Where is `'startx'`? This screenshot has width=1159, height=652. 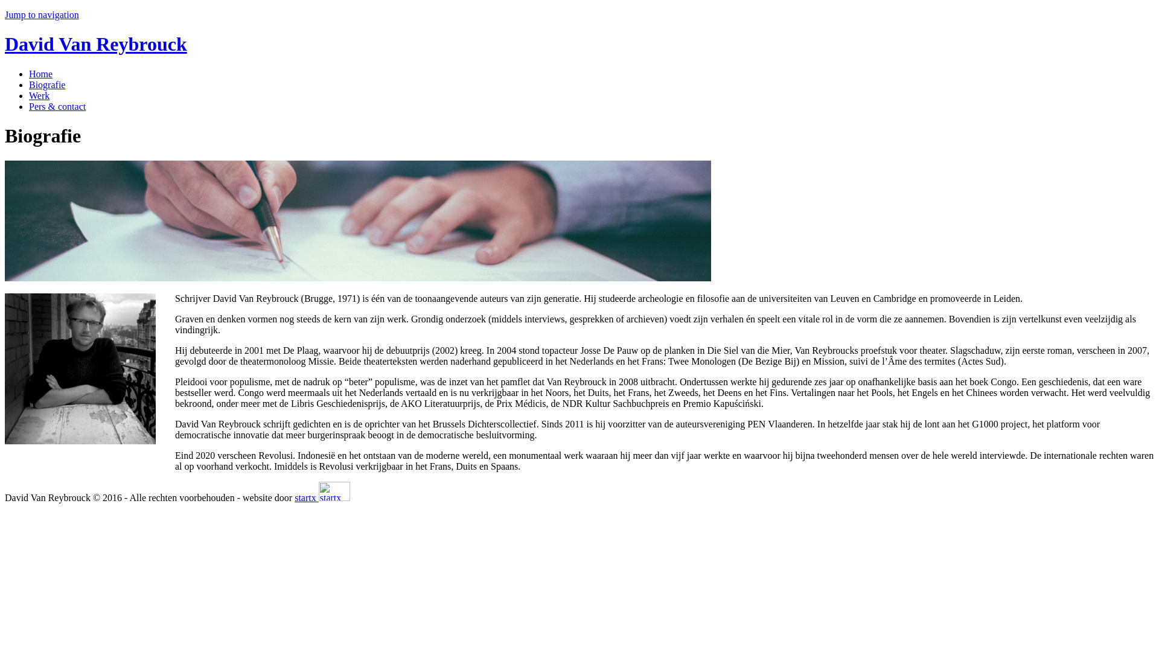 'startx' is located at coordinates (322, 497).